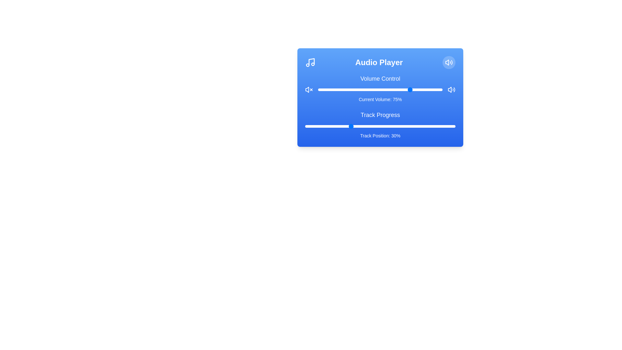  What do you see at coordinates (353, 126) in the screenshot?
I see `the track position` at bounding box center [353, 126].